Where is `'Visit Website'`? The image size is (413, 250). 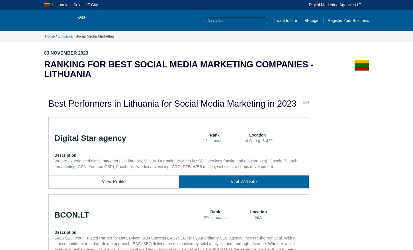 'Visit Website' is located at coordinates (243, 181).